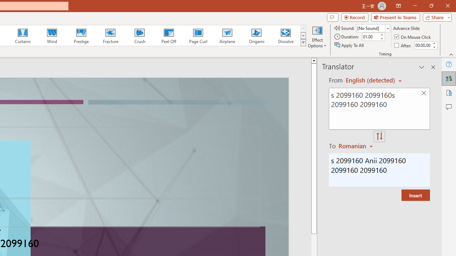 This screenshot has width=456, height=256. Describe the element at coordinates (198, 36) in the screenshot. I see `'Page Curl'` at that location.